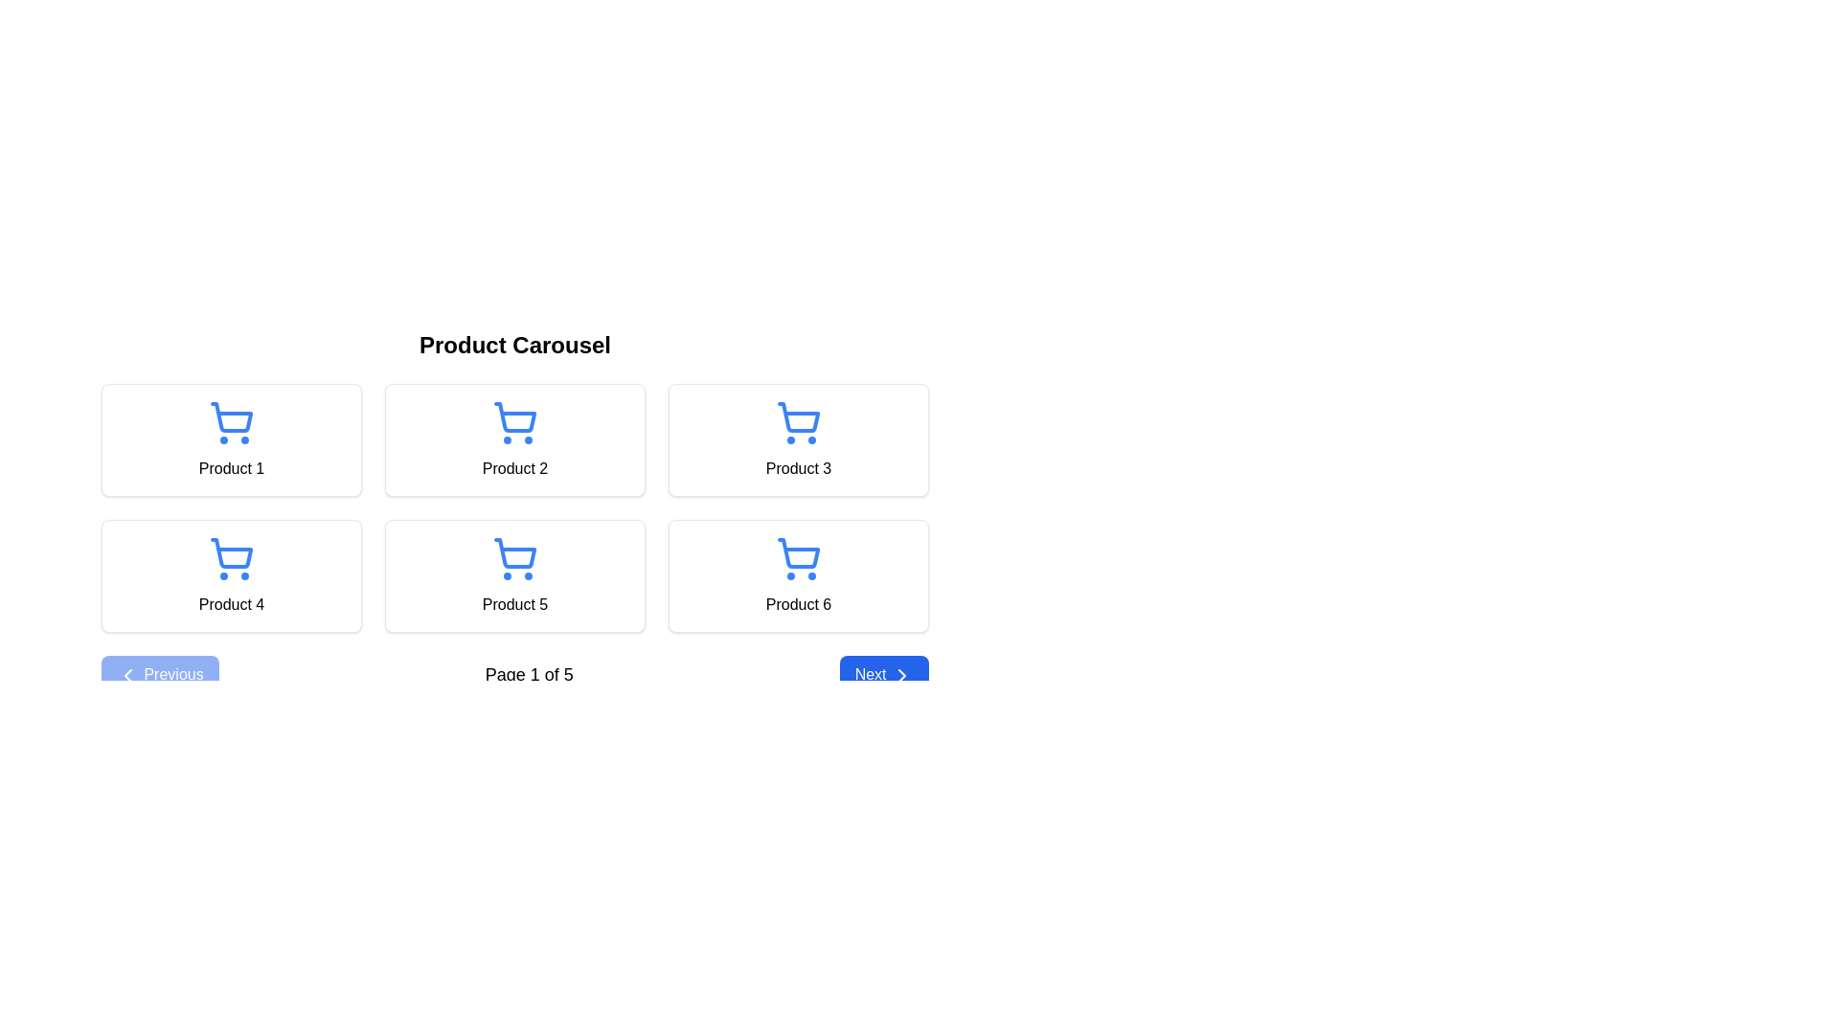  Describe the element at coordinates (799, 422) in the screenshot. I see `the blue shopping cart icon located at the top of the 'Product 3' card in the top-right corner of the grid` at that location.